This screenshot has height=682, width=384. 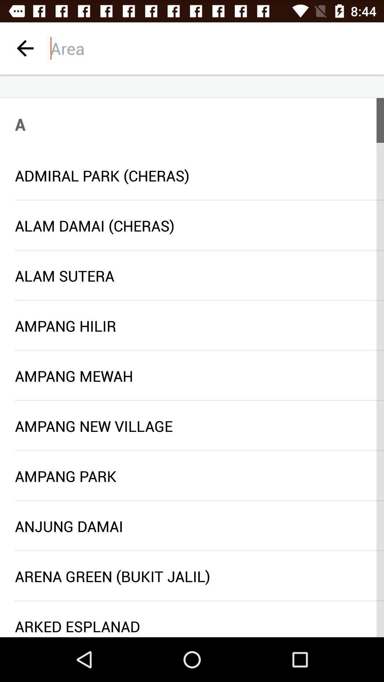 I want to click on the ampang hilir icon, so click(x=192, y=325).